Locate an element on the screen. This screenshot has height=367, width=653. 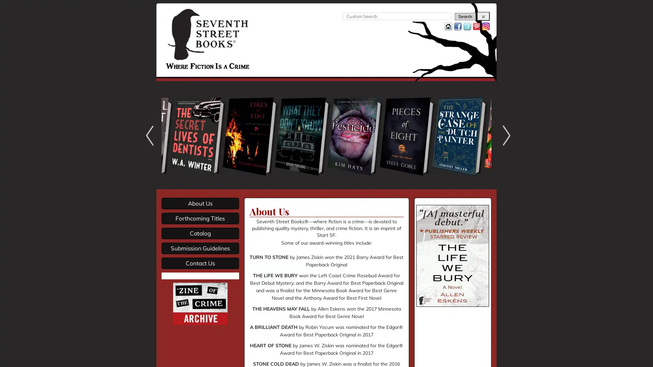
Previous is located at coordinates (148, 135).